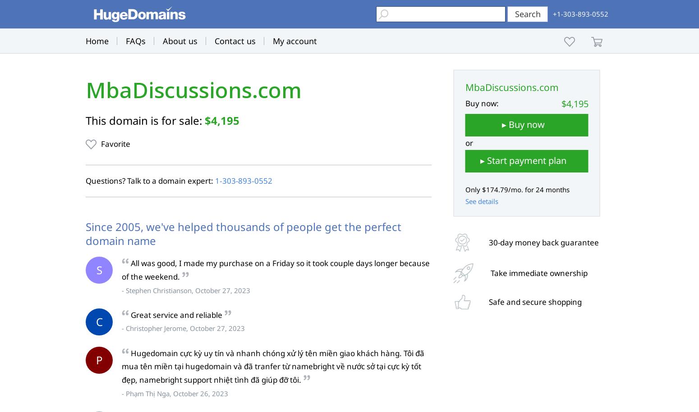 The image size is (699, 412). Describe the element at coordinates (115, 144) in the screenshot. I see `'Favorite'` at that location.